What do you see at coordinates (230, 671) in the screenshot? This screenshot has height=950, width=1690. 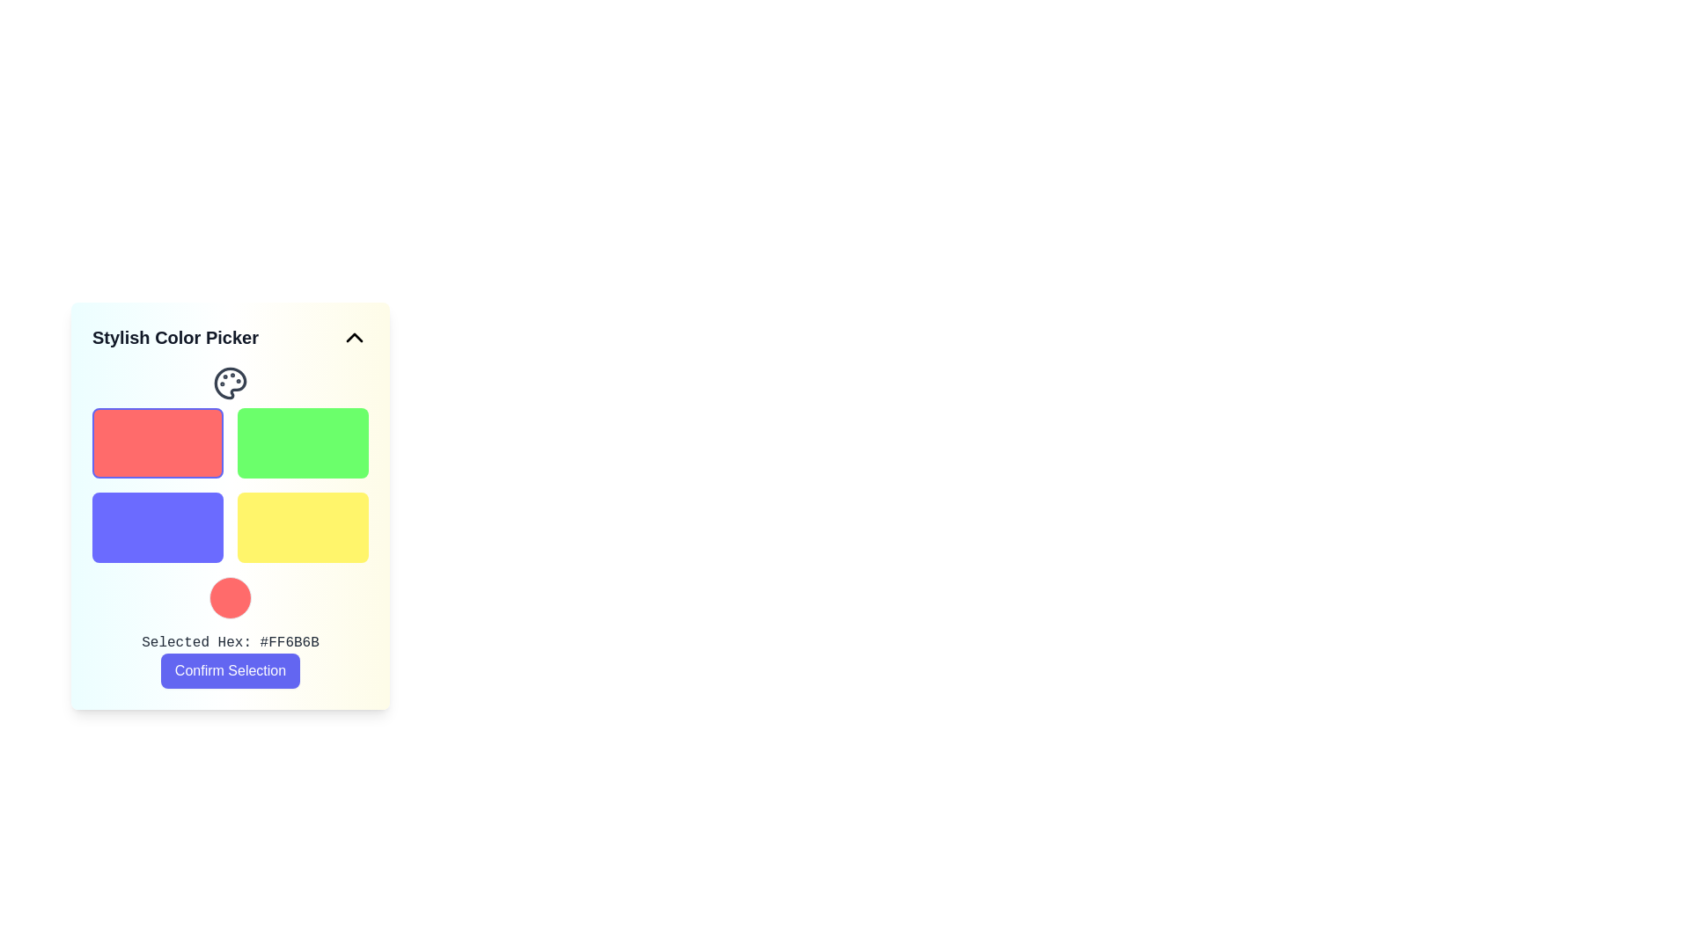 I see `the confirmation button located at the bottom of the color picker interface, beneath the text 'Selected Hex: #FF6B6B' and the circular color display, to receive interaction feedback` at bounding box center [230, 671].